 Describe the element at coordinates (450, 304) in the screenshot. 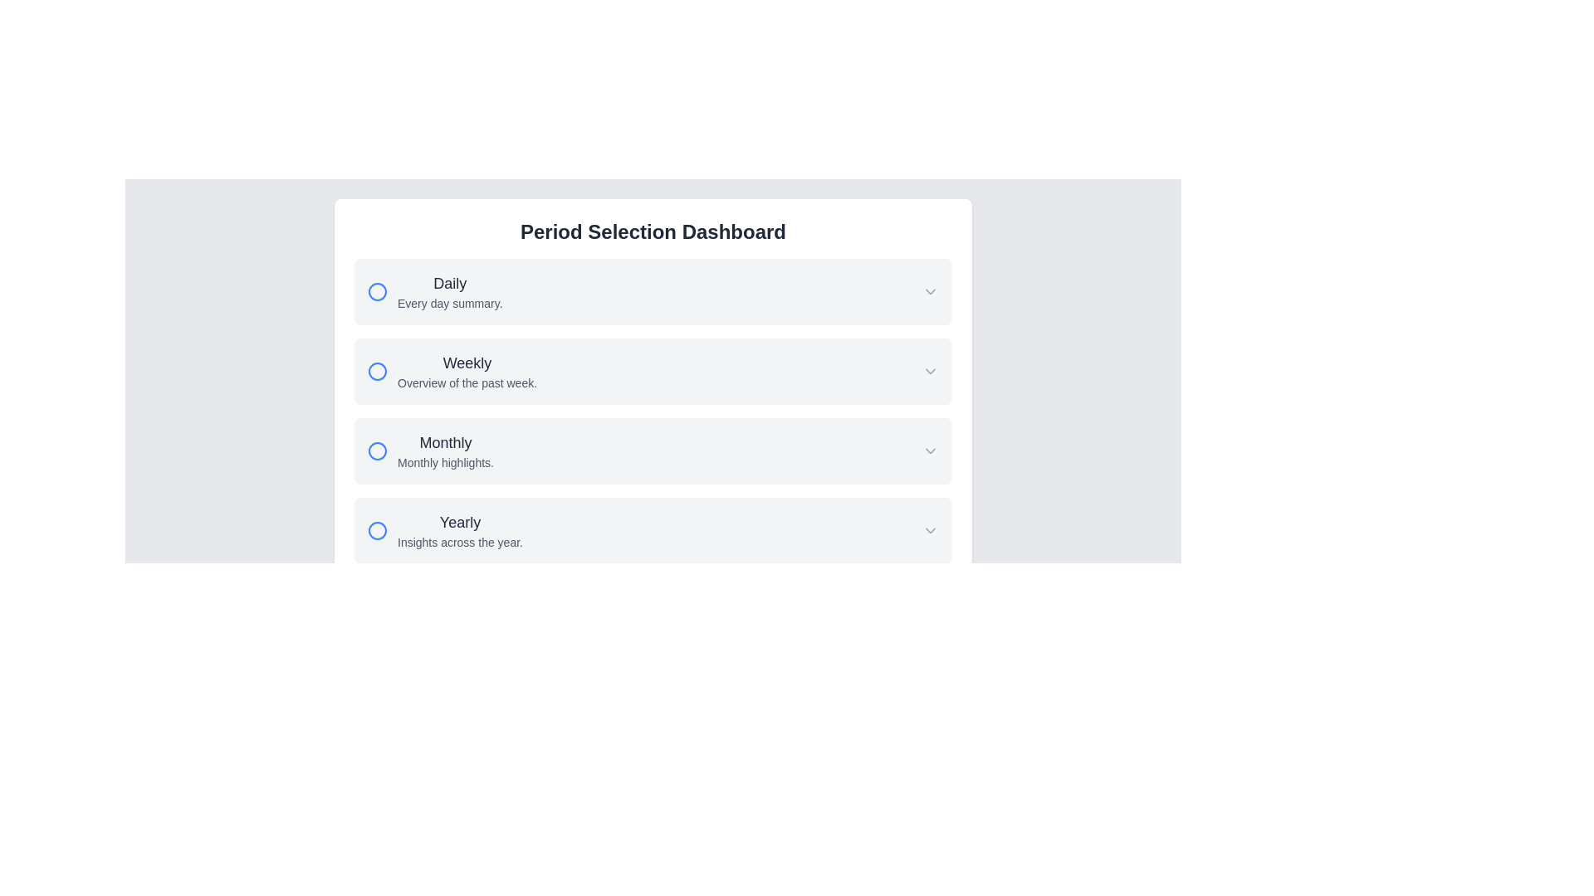

I see `descriptive text label located beneath the 'Daily' selection option in the dashboard to gather information about its purpose` at that location.